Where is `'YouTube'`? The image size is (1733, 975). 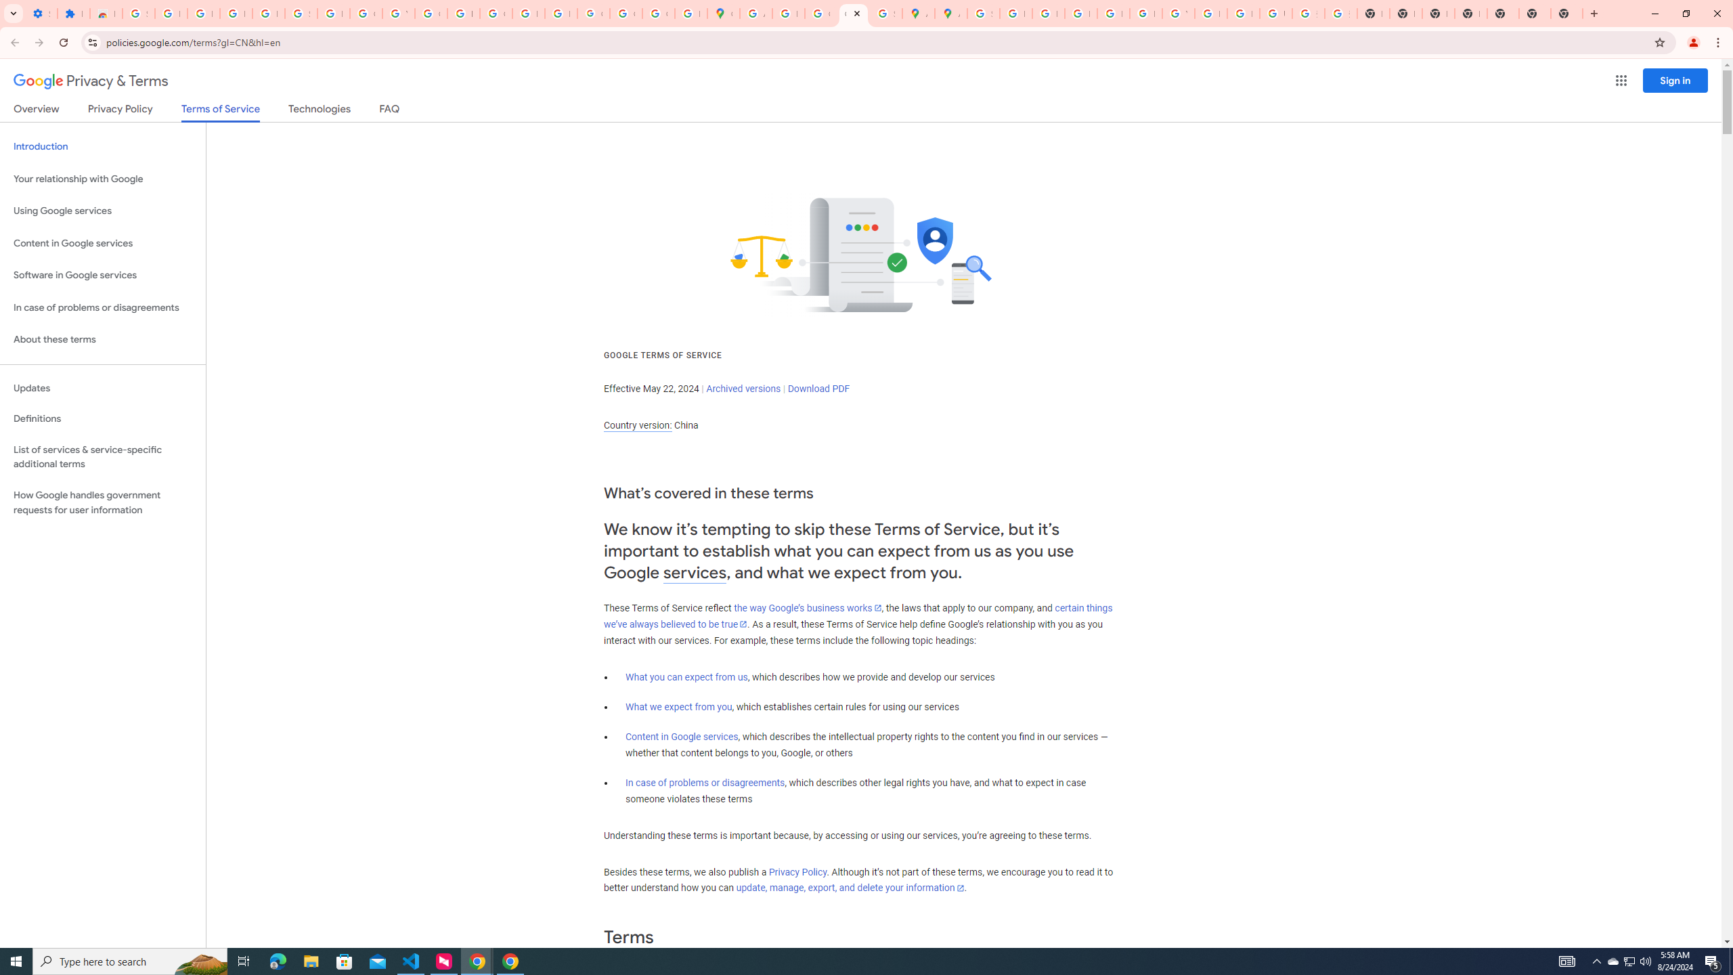 'YouTube' is located at coordinates (397, 13).